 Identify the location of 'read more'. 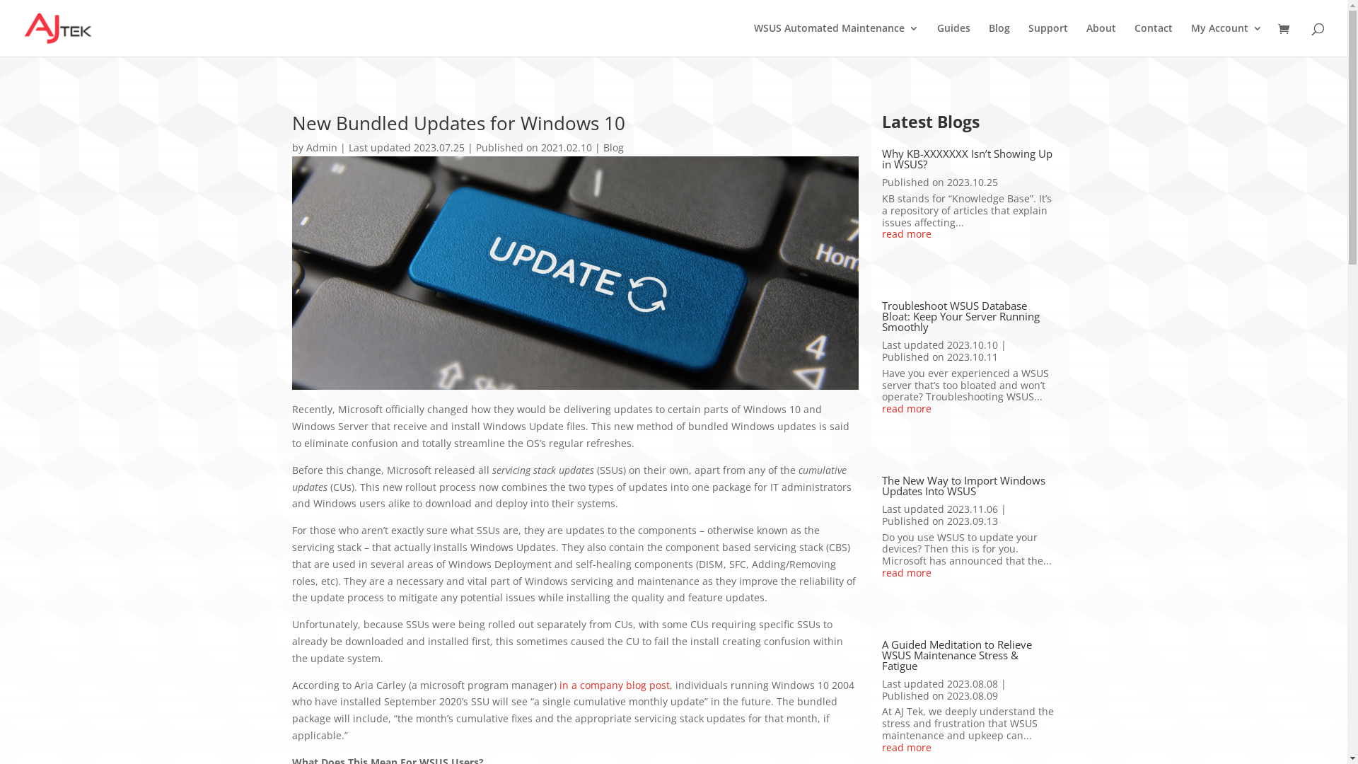
(968, 233).